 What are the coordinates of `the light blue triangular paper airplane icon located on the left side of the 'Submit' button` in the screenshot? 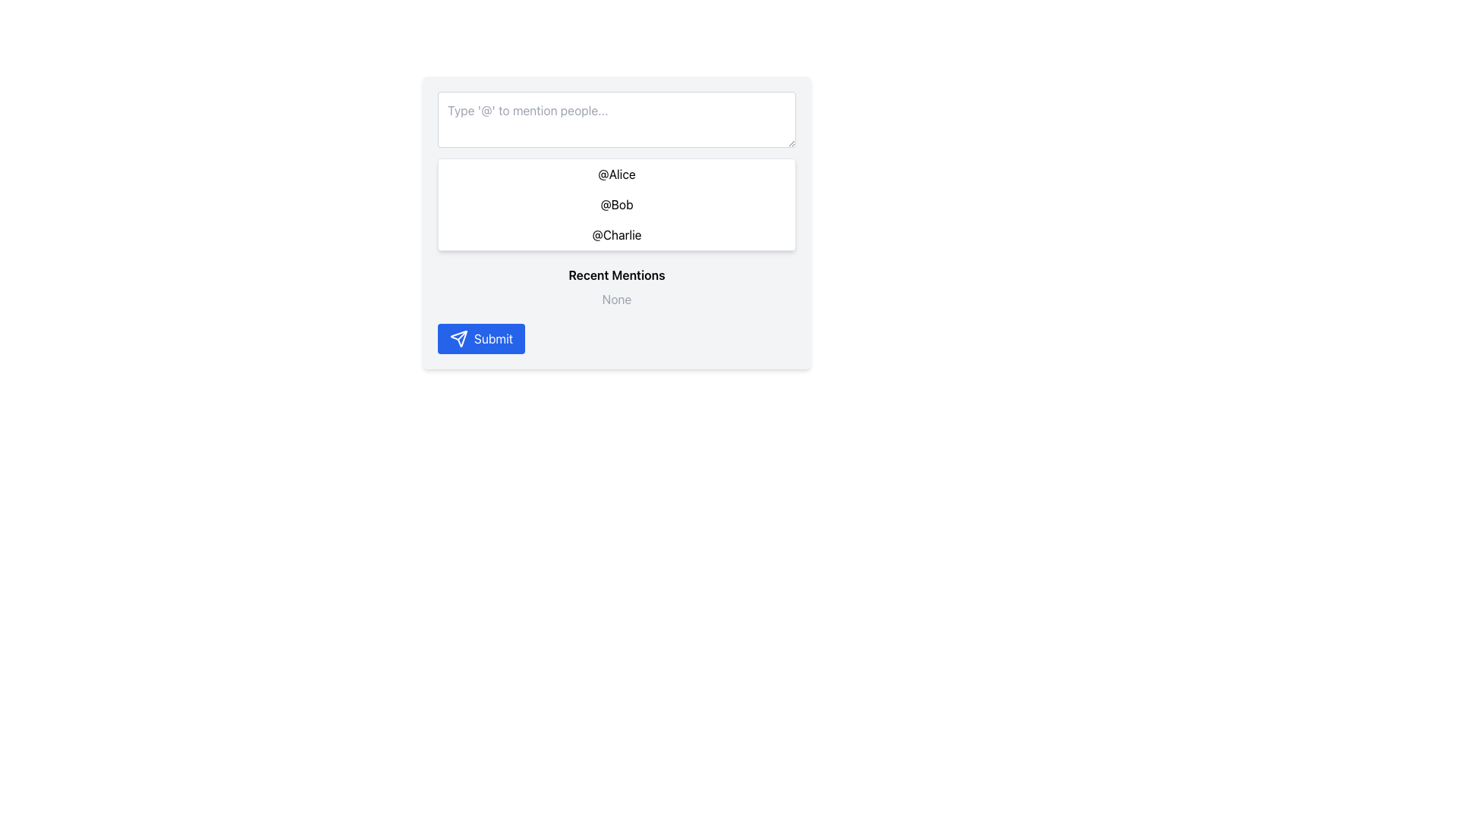 It's located at (458, 338).